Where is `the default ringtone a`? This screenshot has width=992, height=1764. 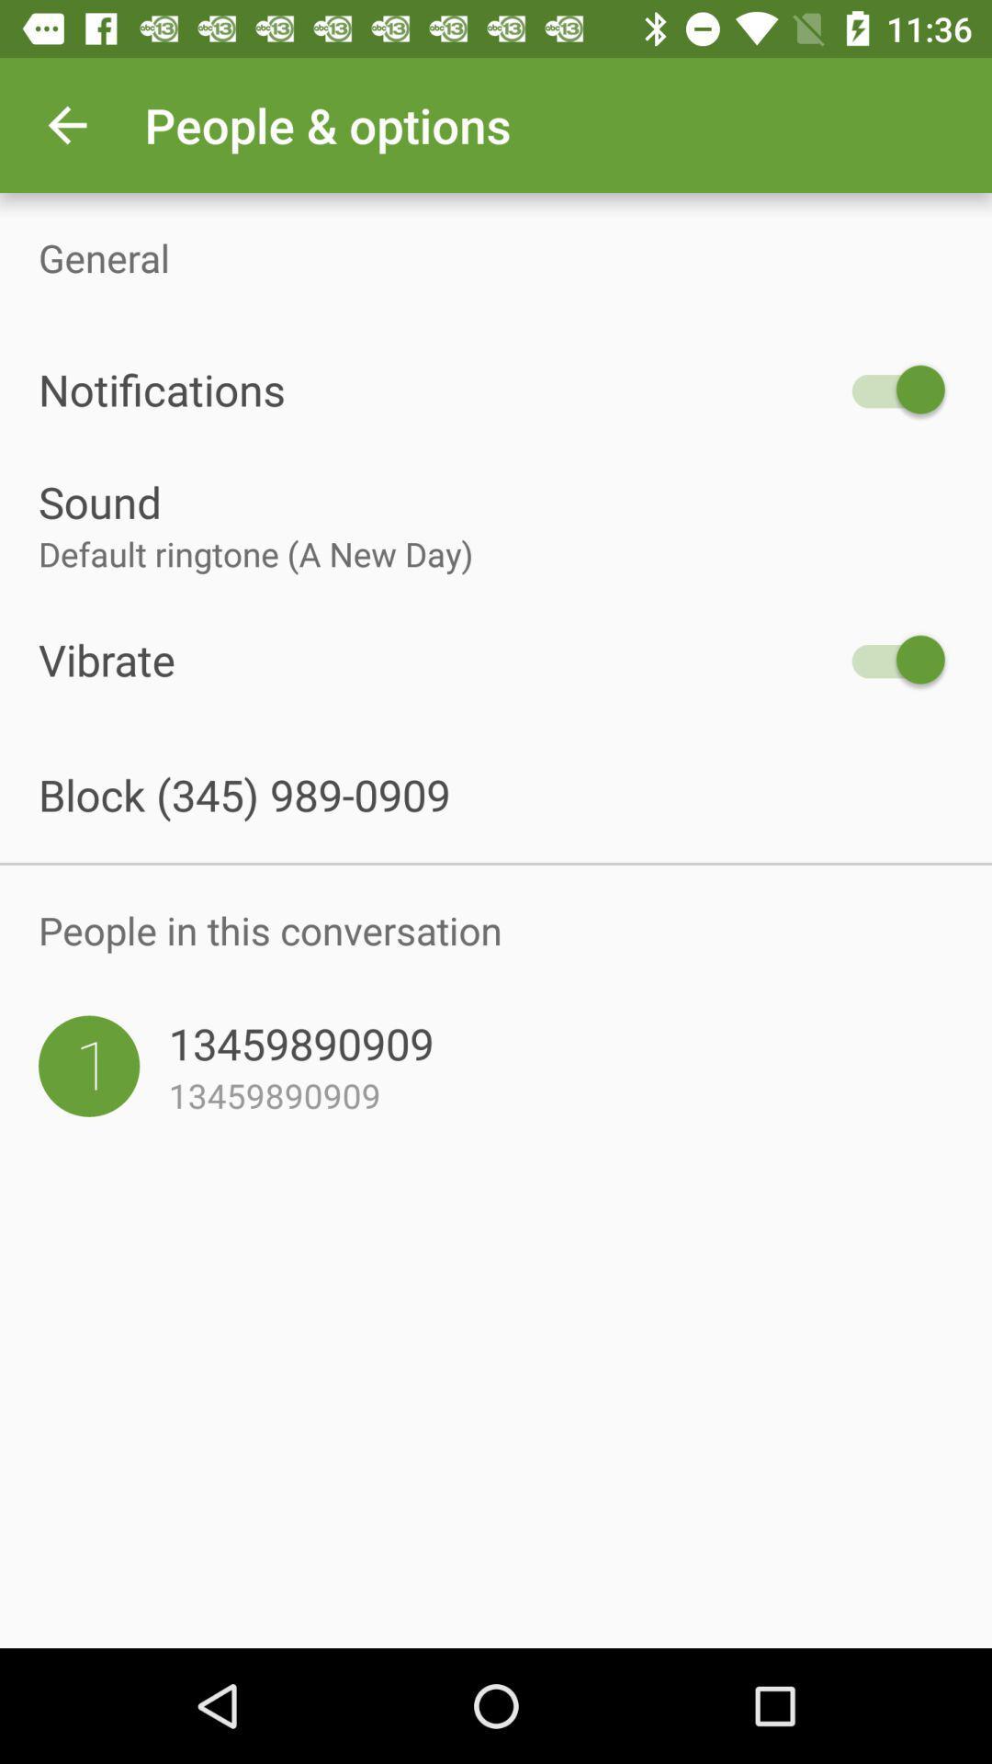 the default ringtone a is located at coordinates (496, 553).